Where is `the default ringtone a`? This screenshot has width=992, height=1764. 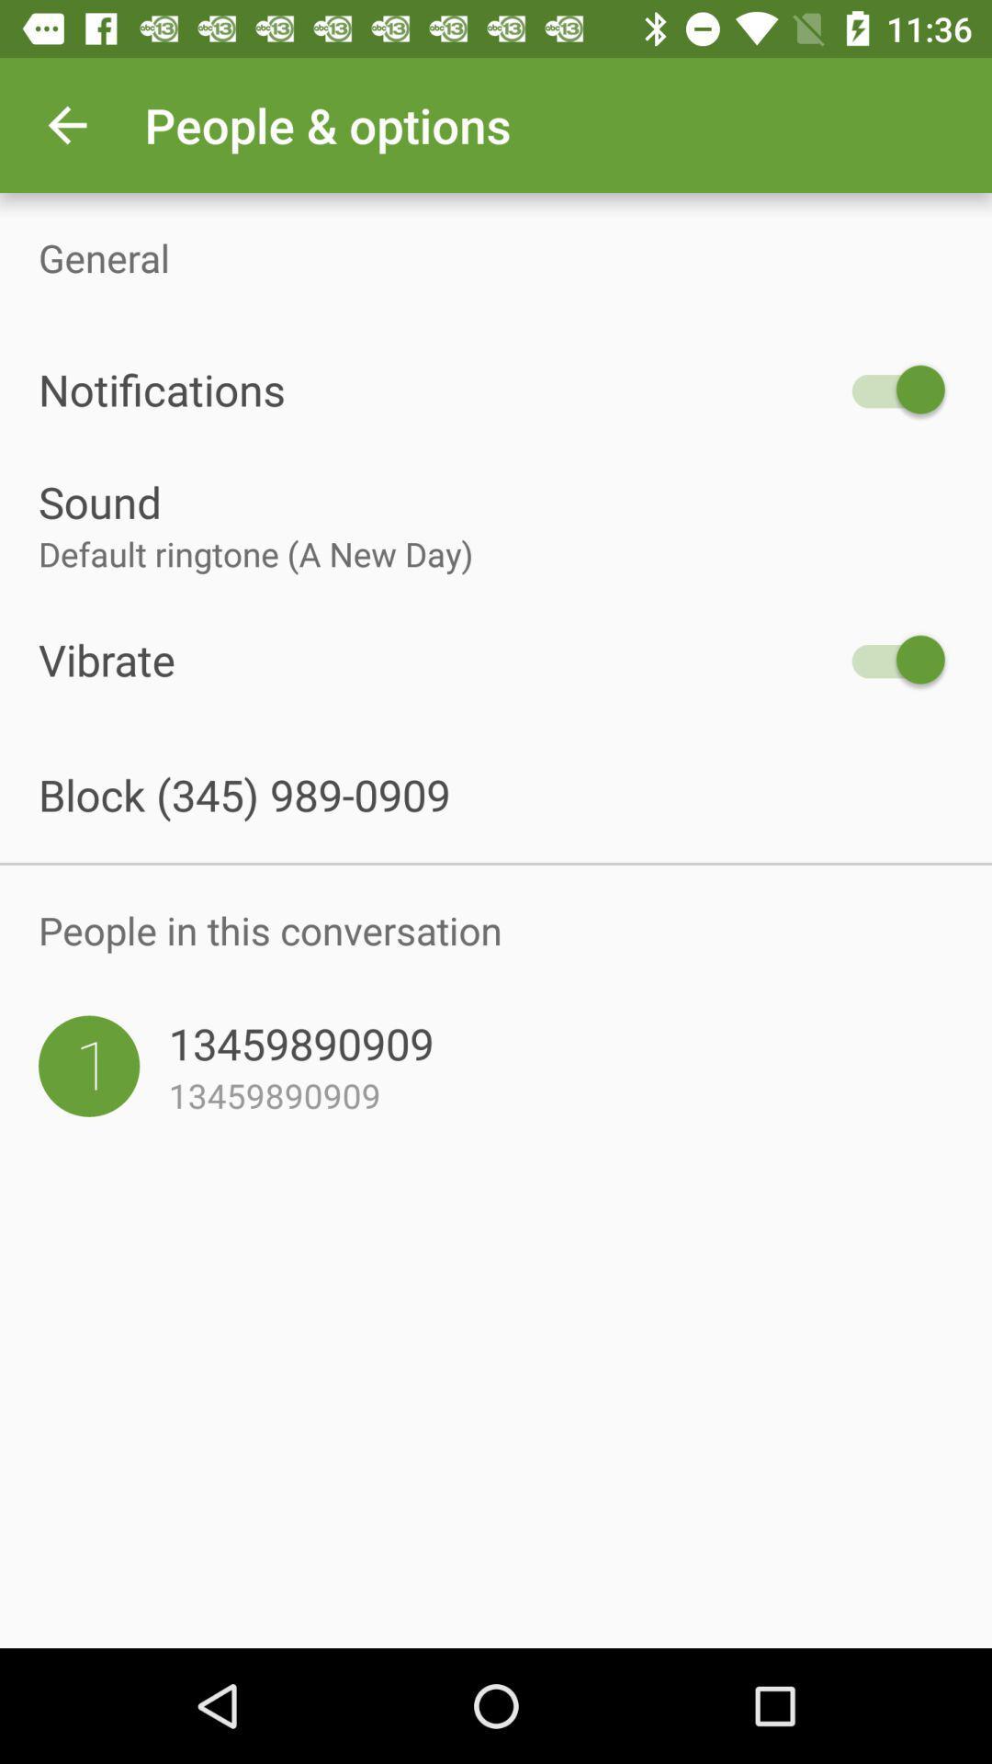 the default ringtone a is located at coordinates (496, 553).